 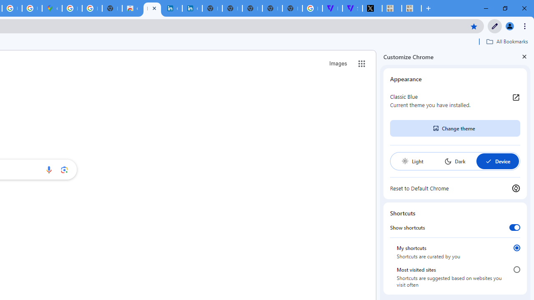 I want to click on 'Classic Blue Current theme you have installed.', so click(x=455, y=100).